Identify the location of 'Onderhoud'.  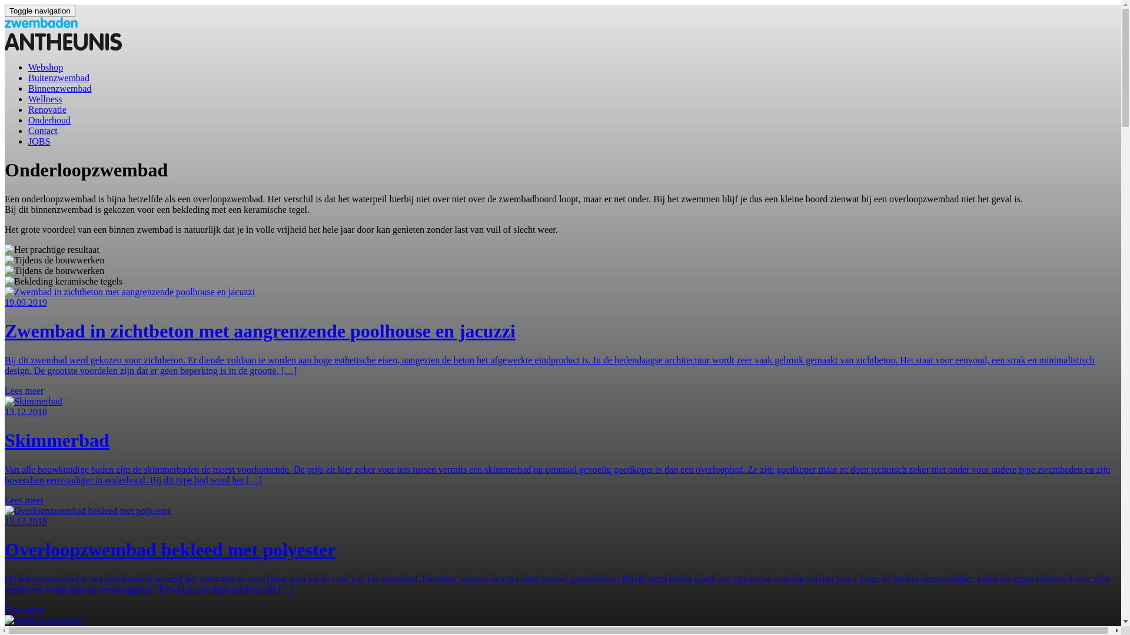
(48, 120).